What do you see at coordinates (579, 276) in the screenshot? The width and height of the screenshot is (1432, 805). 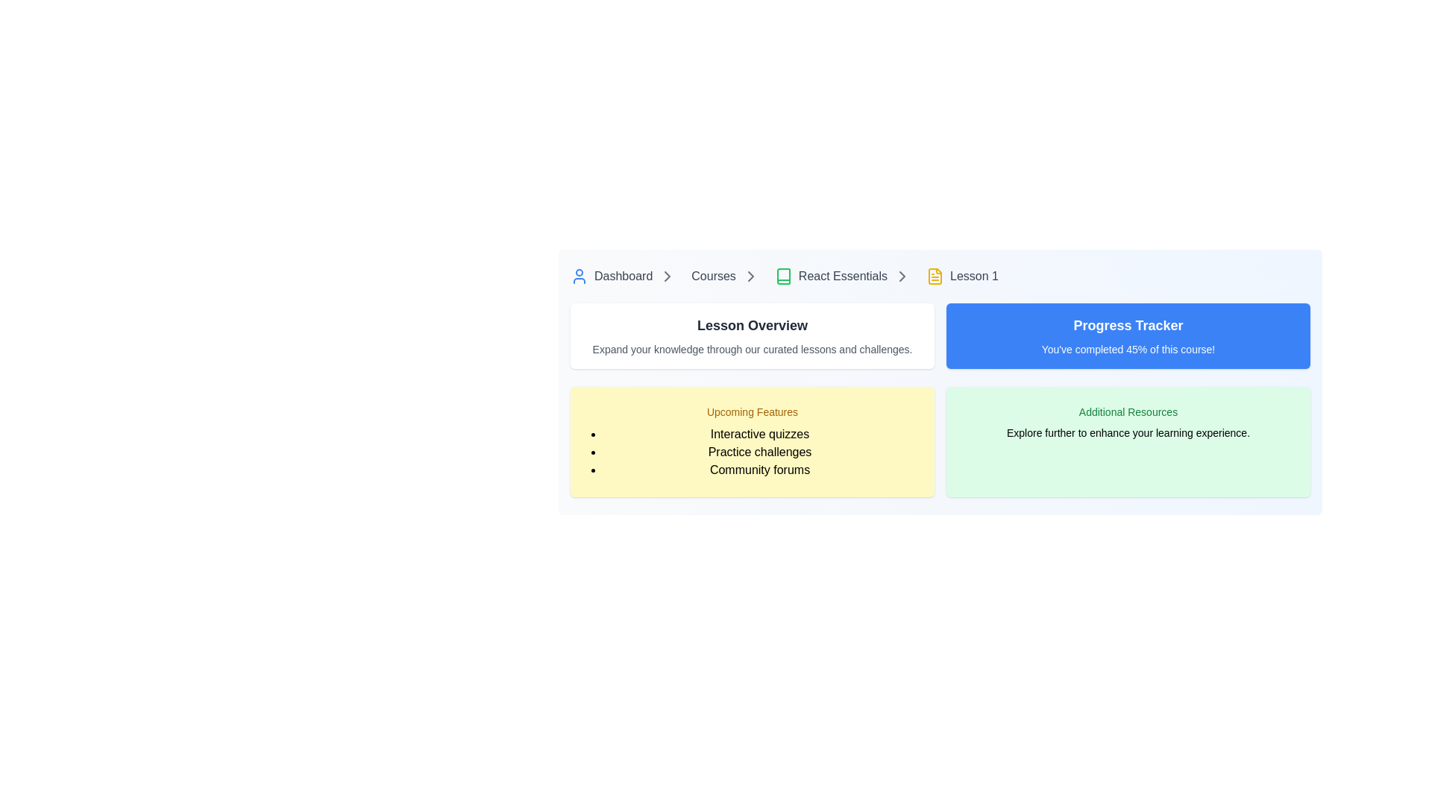 I see `the blue person silhouette icon that precedes the text 'Dashboard' in the breadcrumb navigation` at bounding box center [579, 276].